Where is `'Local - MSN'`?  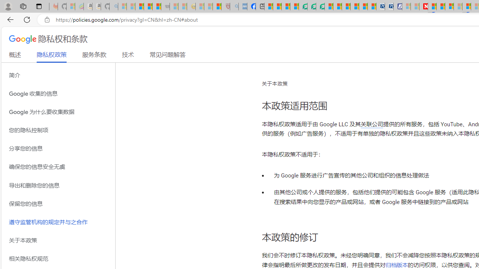 'Local - MSN' is located at coordinates (217, 6).